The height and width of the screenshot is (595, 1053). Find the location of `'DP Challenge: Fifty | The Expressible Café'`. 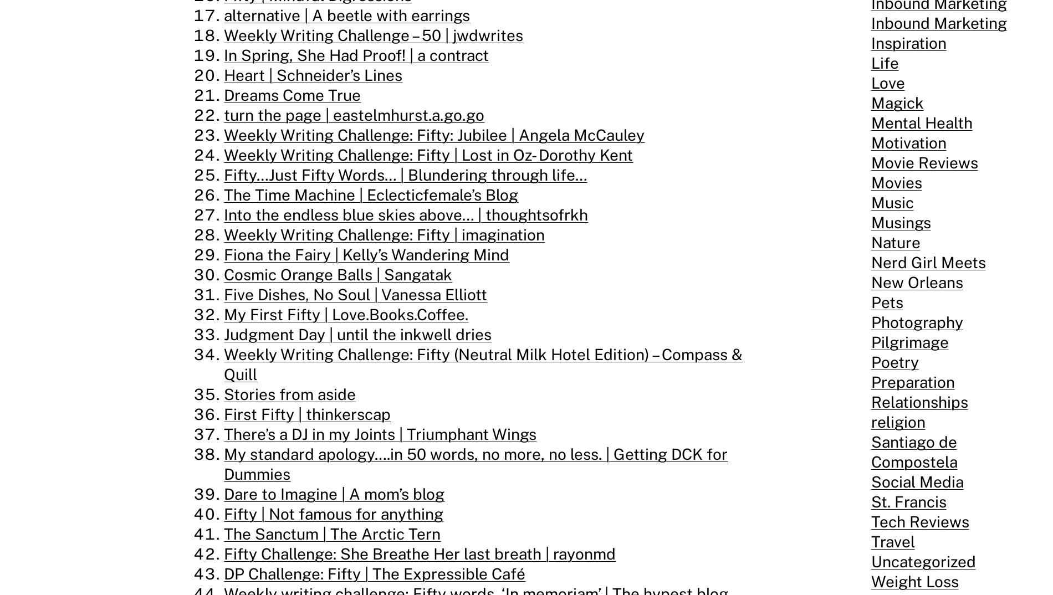

'DP Challenge: Fifty | The Expressible Café' is located at coordinates (375, 573).